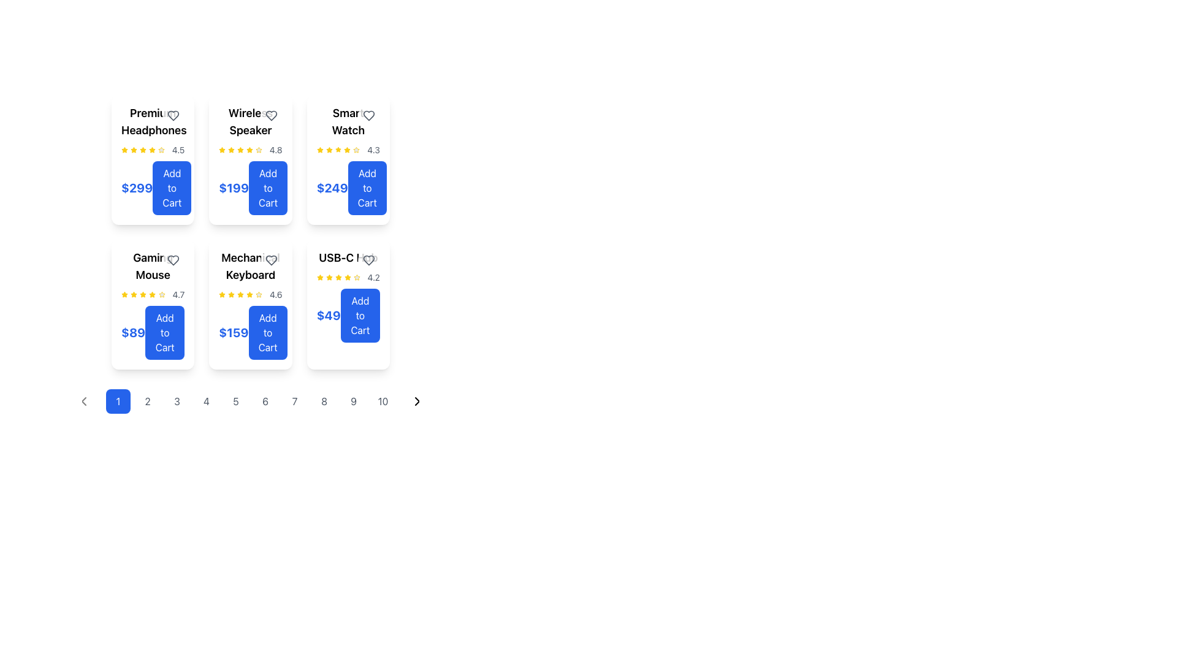 The height and width of the screenshot is (662, 1177). What do you see at coordinates (240, 149) in the screenshot?
I see `the Star icon that represents the rating for the 'Wireless Speaker' product, located in the second card from the left in the upper row of the grid layout` at bounding box center [240, 149].